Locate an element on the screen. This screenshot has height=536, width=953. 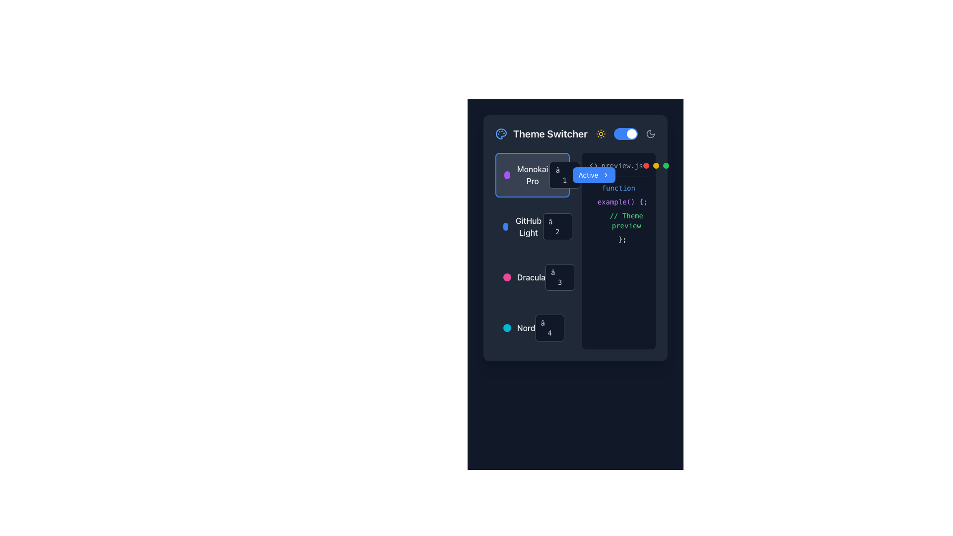
the 'Theme Switcher' text label on the theme control bar is located at coordinates (575, 134).